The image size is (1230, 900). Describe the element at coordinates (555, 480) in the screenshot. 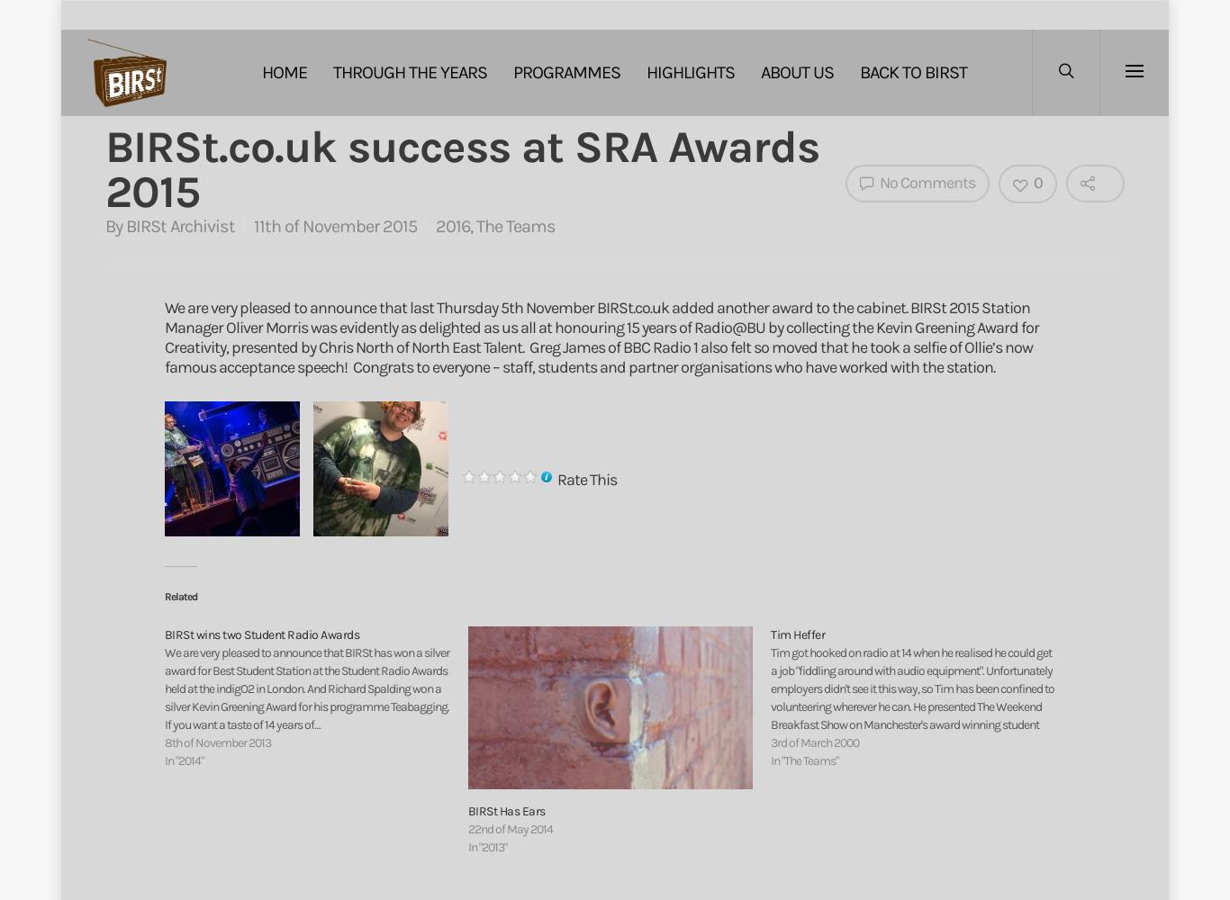

I see `'Rate This'` at that location.